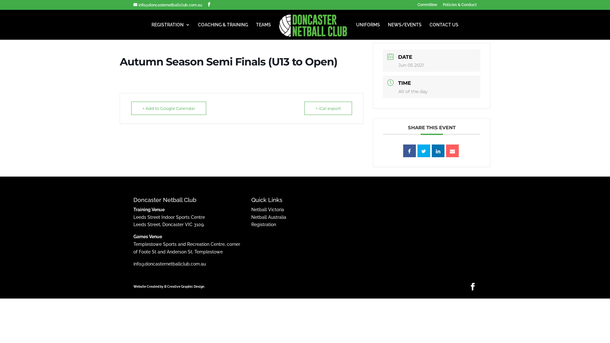 This screenshot has width=610, height=343. Describe the element at coordinates (328, 108) in the screenshot. I see `'+ iCal export'` at that location.